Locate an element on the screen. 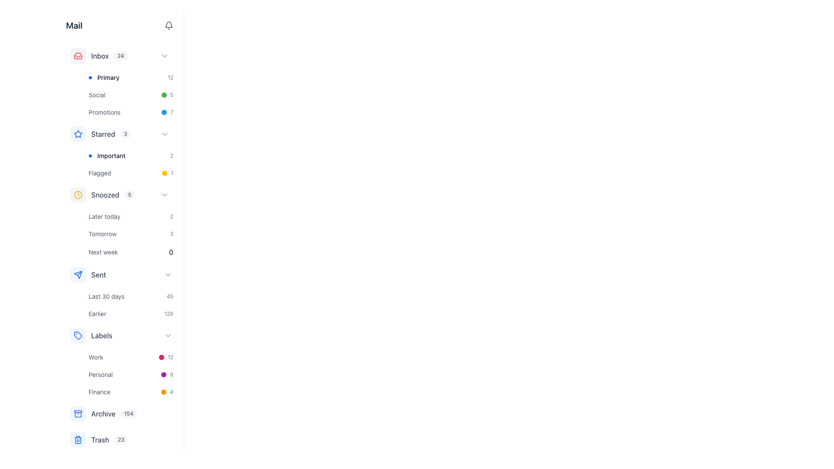 The image size is (834, 469). the text label 'Personal' which is styled in a smaller font size and subtle gray color, located under the 'Labels' section, below the 'Work' label is located at coordinates (100, 374).